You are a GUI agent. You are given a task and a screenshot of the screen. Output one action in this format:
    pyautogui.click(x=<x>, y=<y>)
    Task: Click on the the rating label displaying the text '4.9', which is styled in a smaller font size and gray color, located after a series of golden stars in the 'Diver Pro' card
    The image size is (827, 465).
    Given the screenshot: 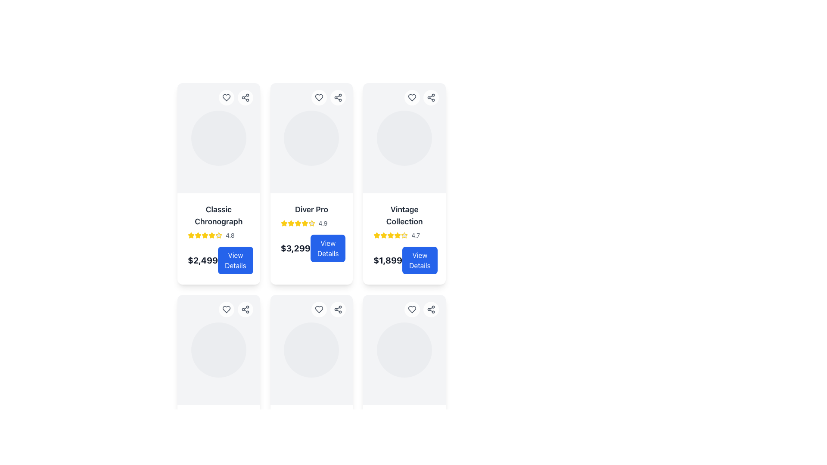 What is the action you would take?
    pyautogui.click(x=322, y=223)
    